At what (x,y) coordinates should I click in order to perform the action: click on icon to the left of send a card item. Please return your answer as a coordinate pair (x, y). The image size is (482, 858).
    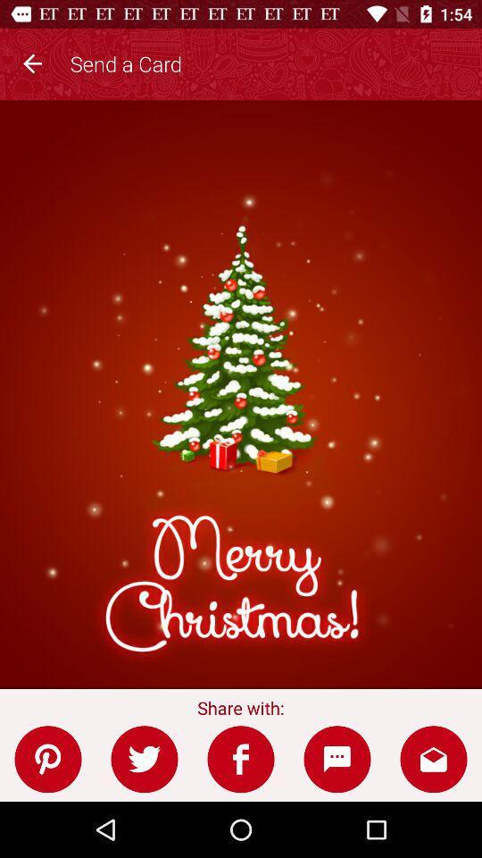
    Looking at the image, I should click on (32, 61).